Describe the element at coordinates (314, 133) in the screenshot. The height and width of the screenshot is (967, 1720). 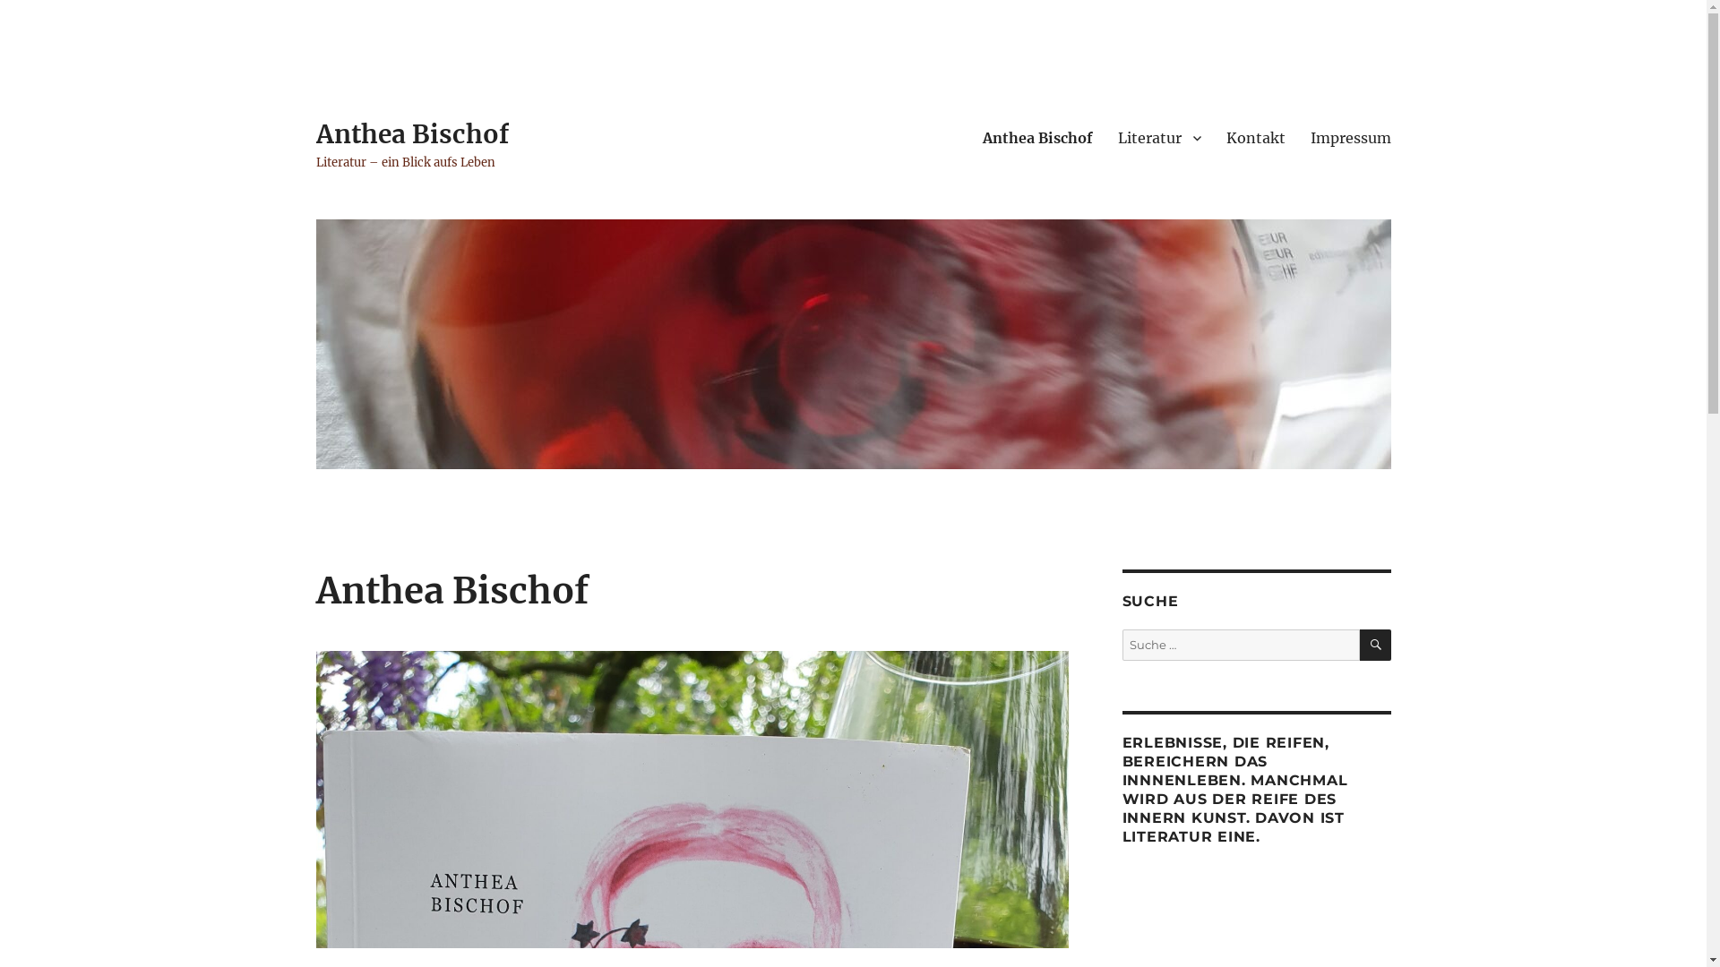
I see `'Anthea Bischof'` at that location.